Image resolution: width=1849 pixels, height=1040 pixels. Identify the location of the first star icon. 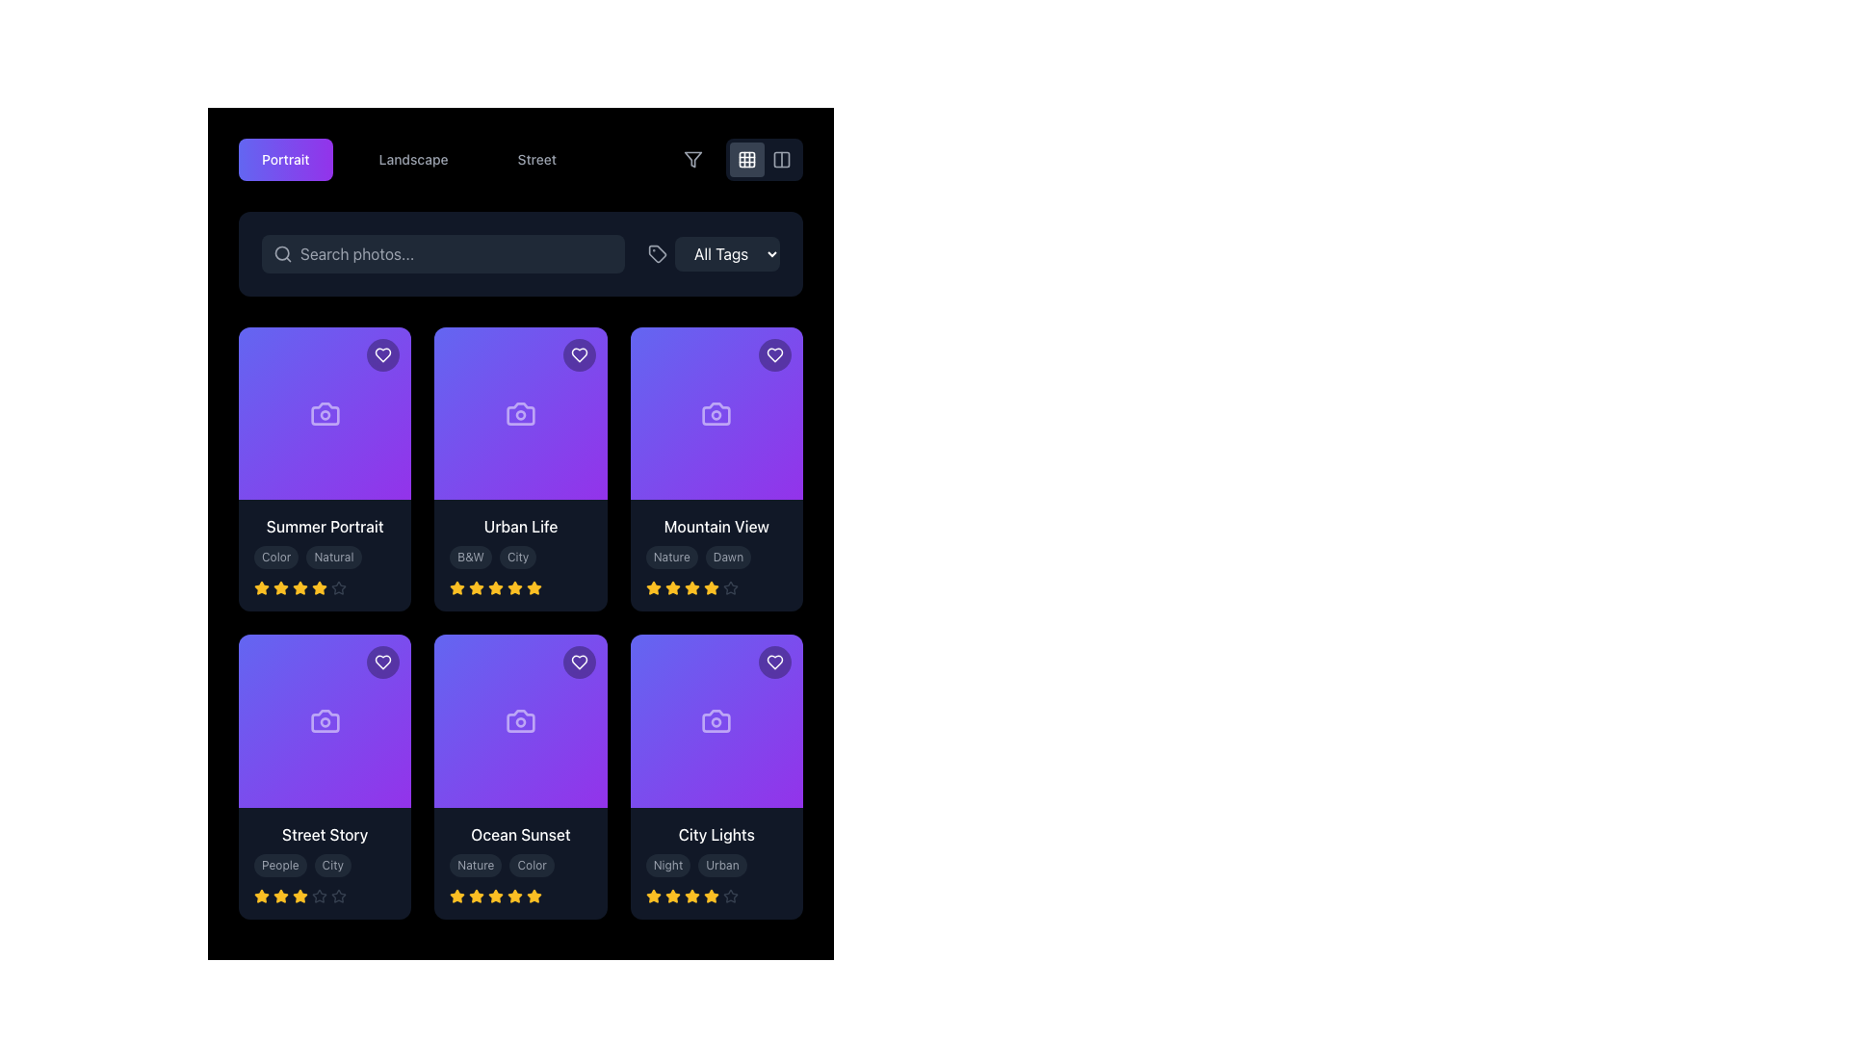
(280, 587).